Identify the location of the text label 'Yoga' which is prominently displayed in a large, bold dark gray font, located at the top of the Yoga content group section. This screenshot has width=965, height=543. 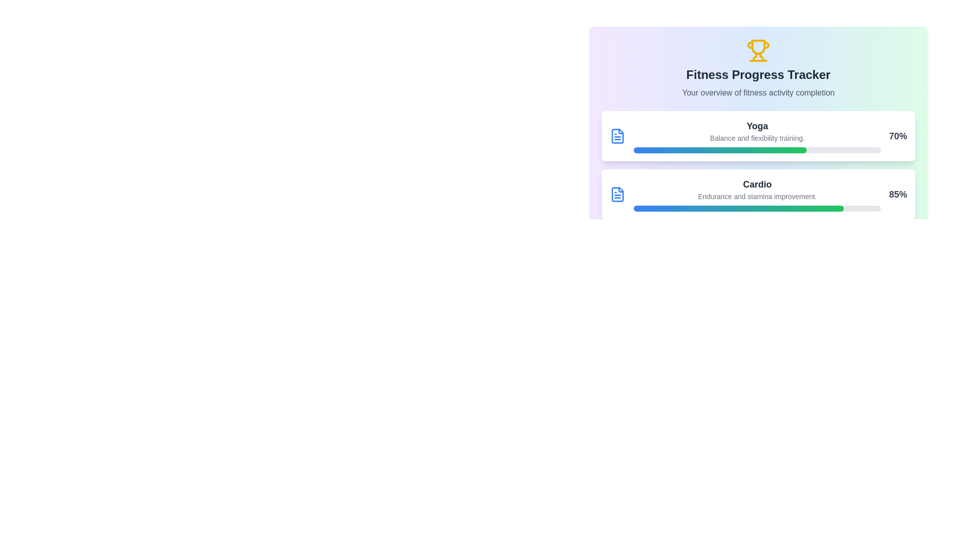
(757, 125).